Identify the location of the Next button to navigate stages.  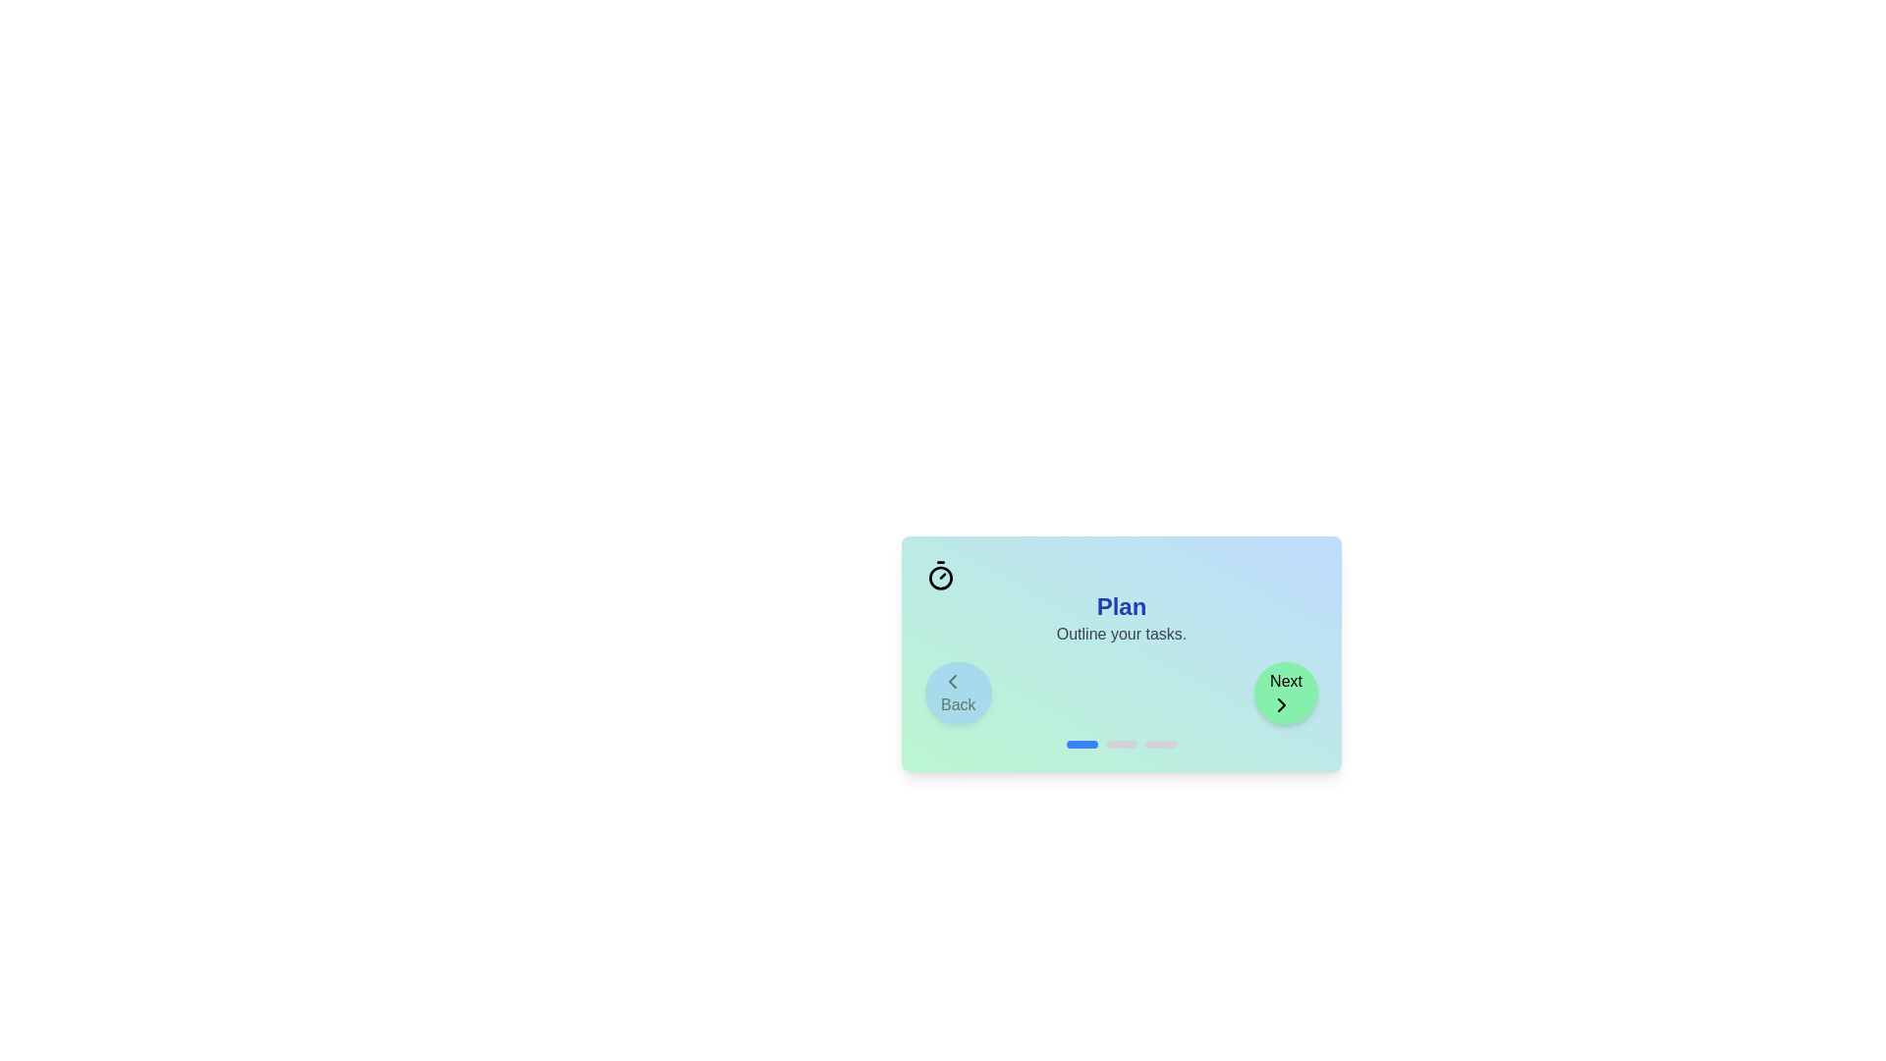
(1286, 692).